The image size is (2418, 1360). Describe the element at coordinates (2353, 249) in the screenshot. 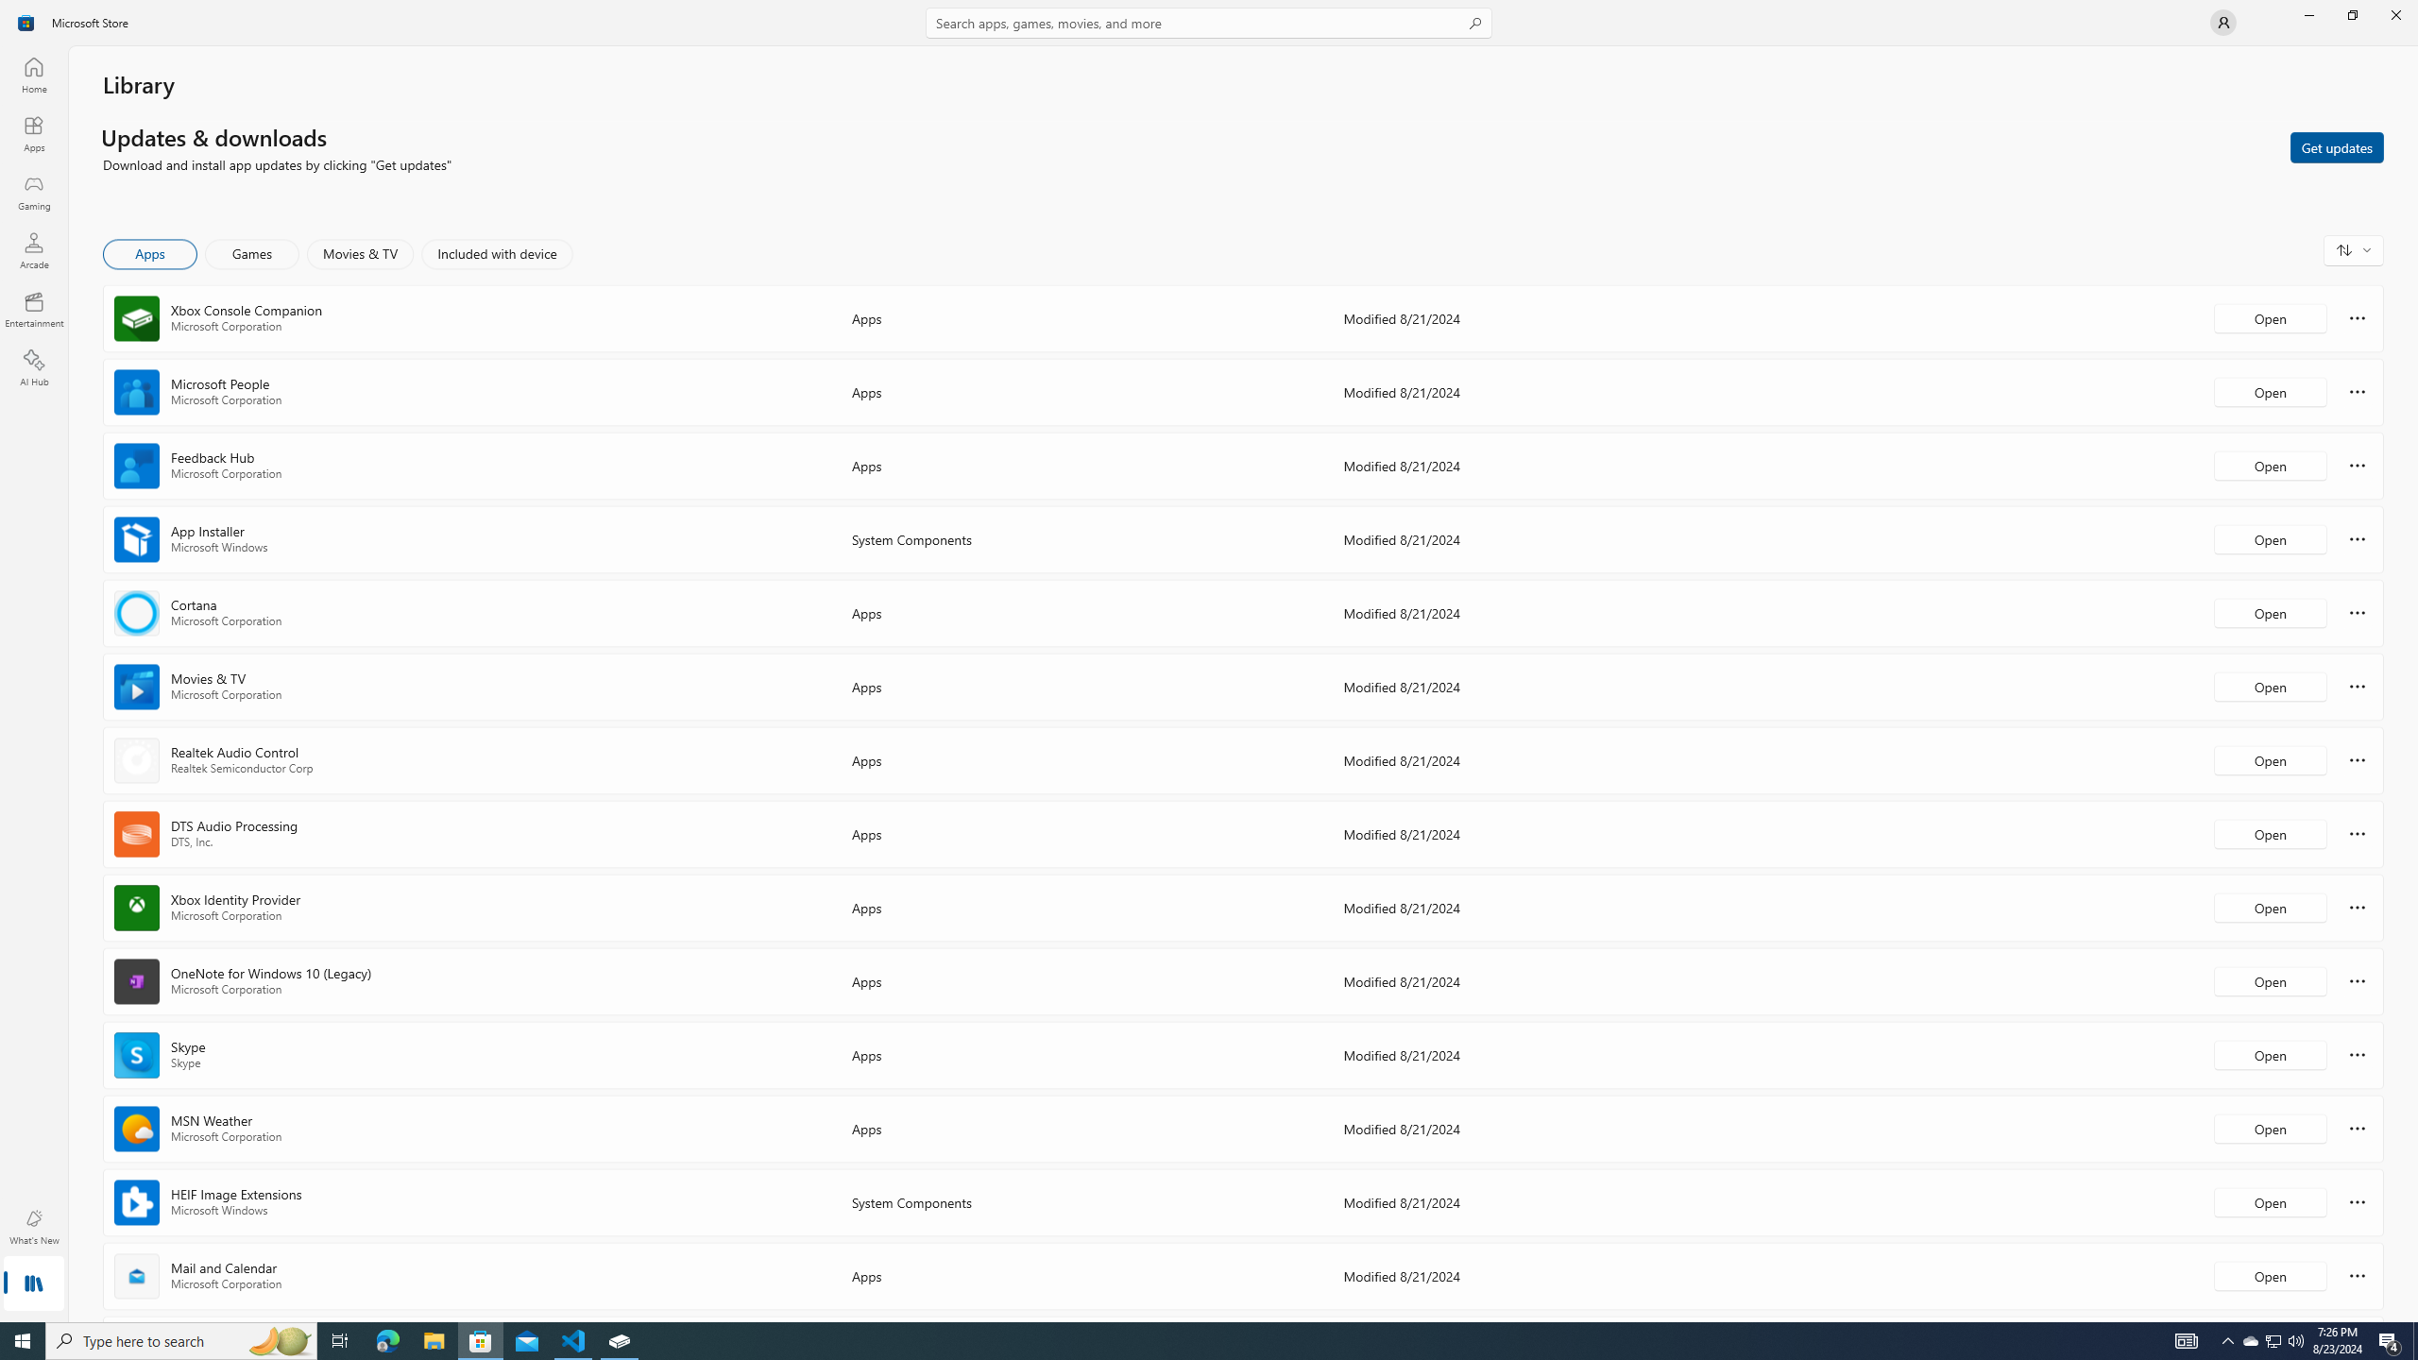

I see `'Sort and filter'` at that location.